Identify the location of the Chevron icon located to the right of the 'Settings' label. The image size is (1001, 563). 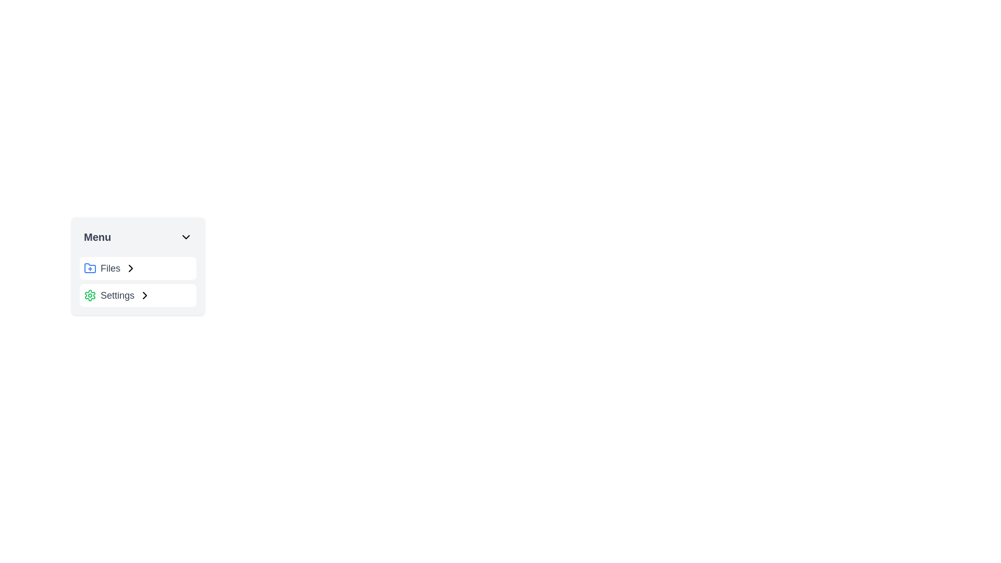
(144, 296).